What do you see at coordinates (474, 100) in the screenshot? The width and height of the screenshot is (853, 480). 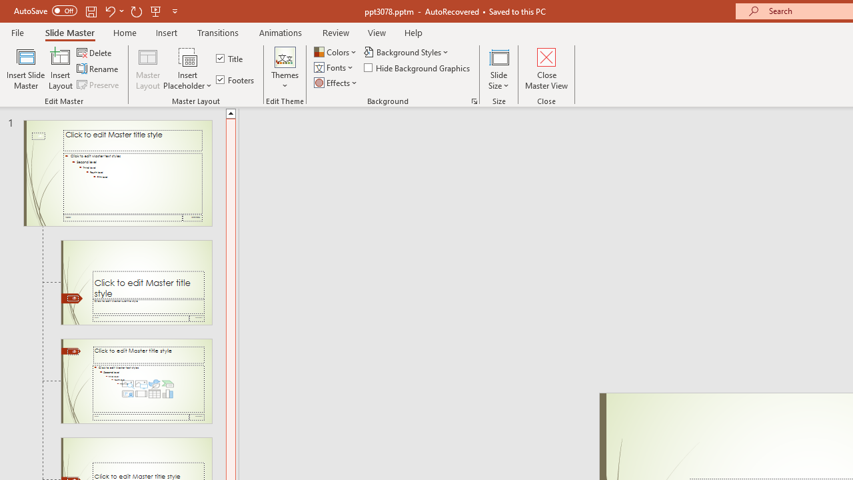 I see `'Format Background...'` at bounding box center [474, 100].